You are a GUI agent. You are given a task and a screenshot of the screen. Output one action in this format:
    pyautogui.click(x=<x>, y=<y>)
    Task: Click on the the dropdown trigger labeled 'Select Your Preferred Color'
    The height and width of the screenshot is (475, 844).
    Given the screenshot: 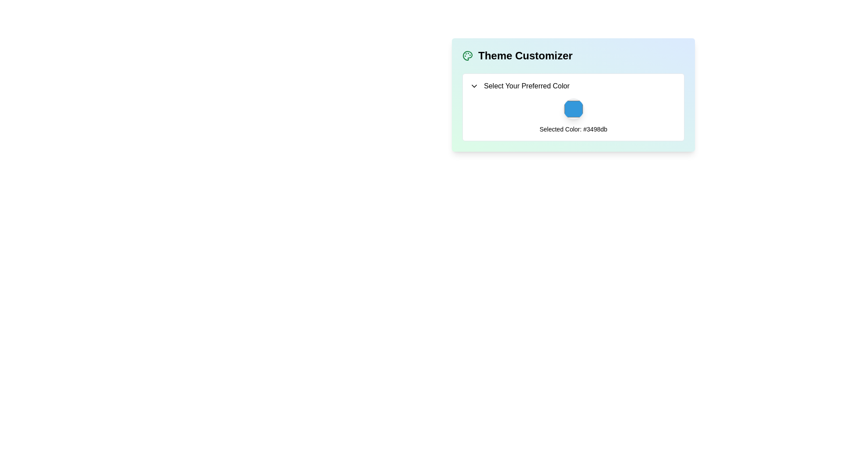 What is the action you would take?
    pyautogui.click(x=573, y=86)
    